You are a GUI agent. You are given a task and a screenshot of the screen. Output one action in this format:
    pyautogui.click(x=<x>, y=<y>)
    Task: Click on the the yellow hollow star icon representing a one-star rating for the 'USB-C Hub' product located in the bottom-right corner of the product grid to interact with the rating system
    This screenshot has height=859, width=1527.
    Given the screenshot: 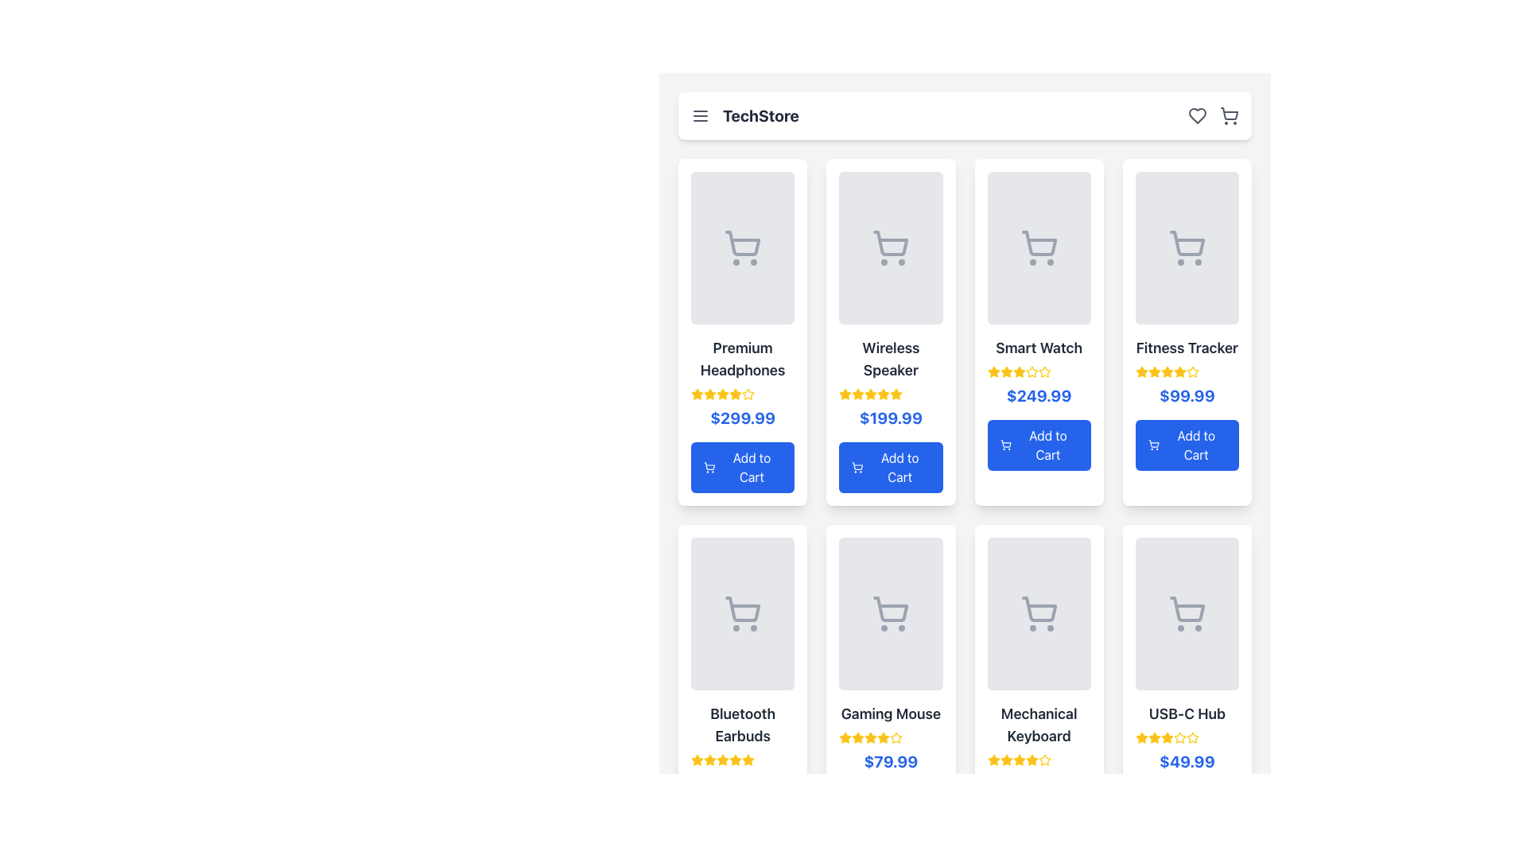 What is the action you would take?
    pyautogui.click(x=1154, y=737)
    